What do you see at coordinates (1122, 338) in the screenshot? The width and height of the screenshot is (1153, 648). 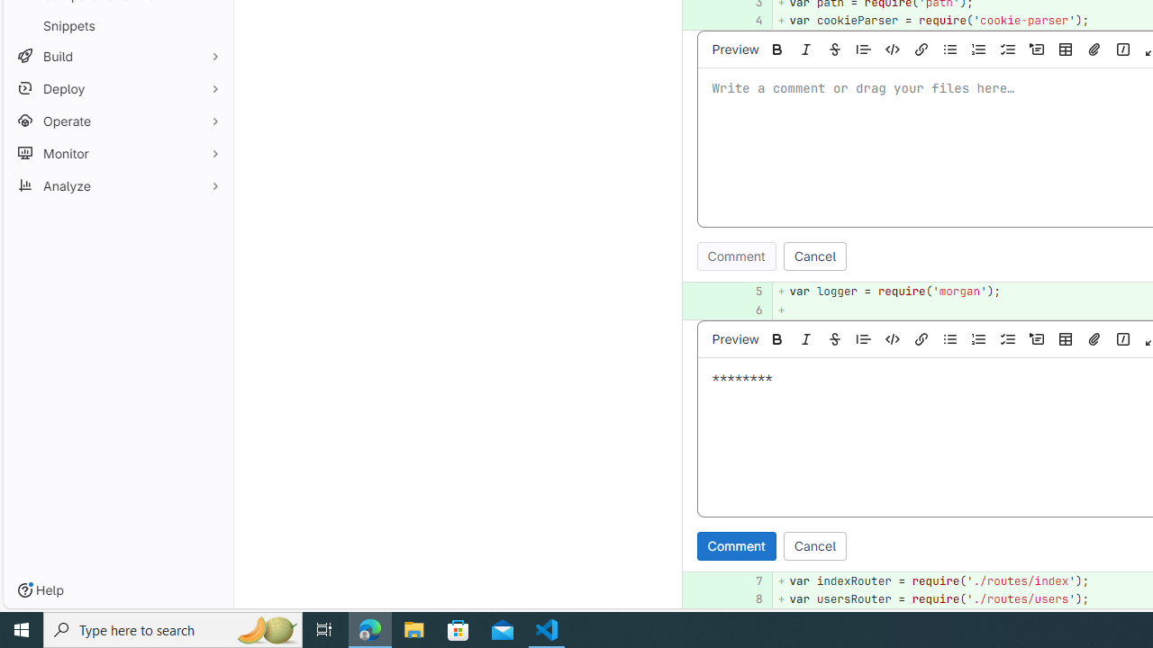 I see `'Add a quick action'` at bounding box center [1122, 338].